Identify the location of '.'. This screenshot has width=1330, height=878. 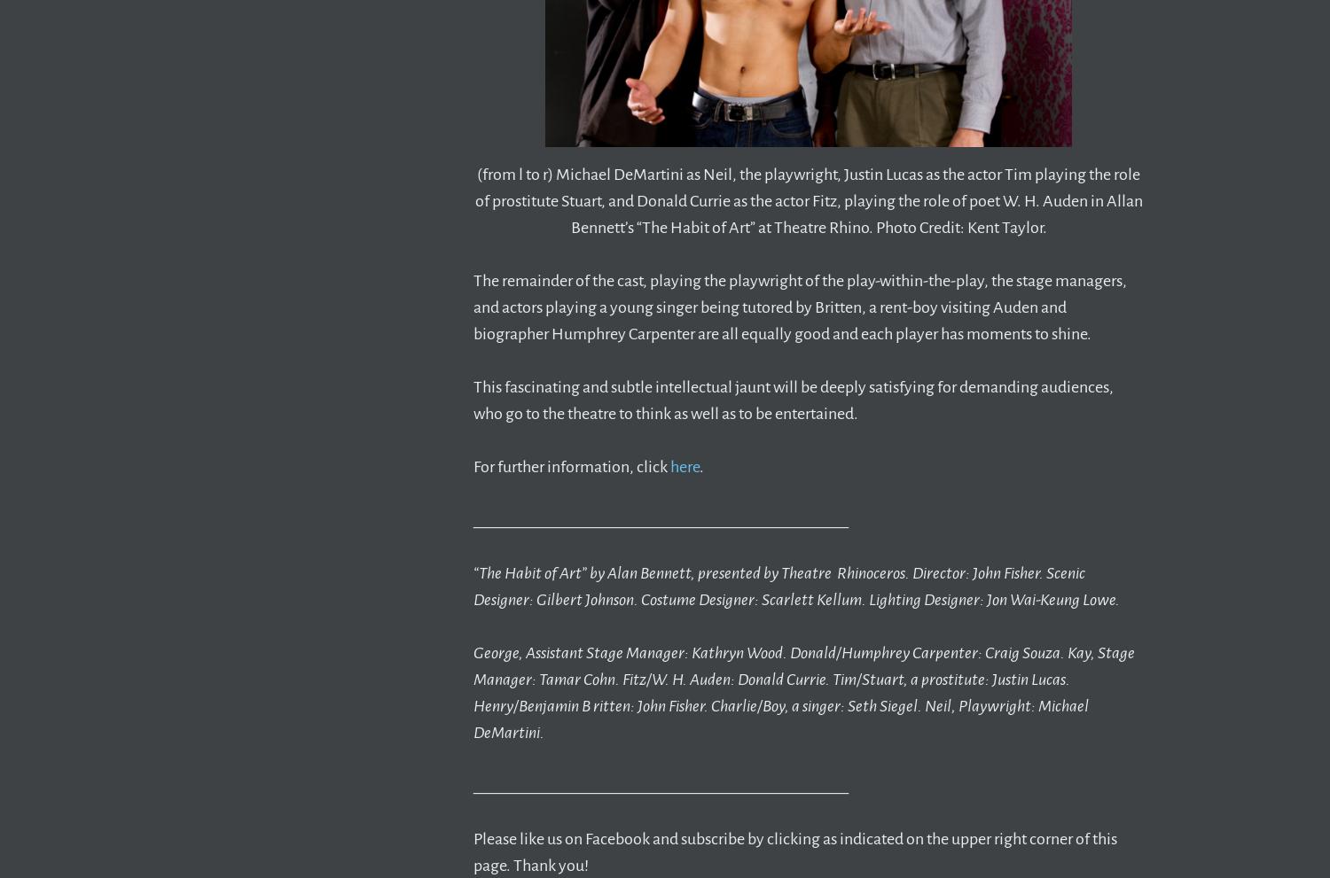
(701, 467).